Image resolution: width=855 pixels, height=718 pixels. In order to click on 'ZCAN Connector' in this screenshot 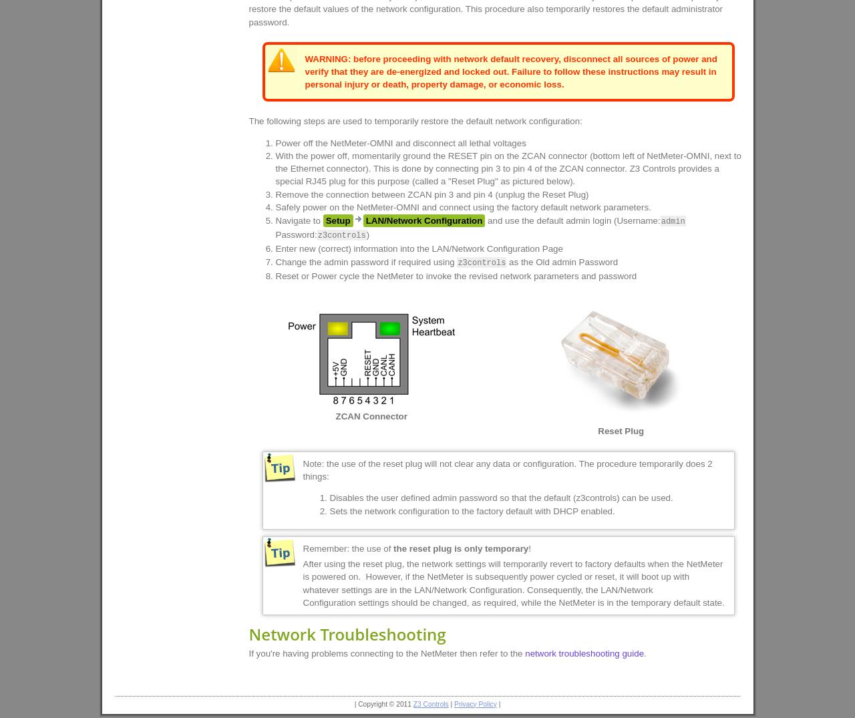, I will do `click(371, 415)`.